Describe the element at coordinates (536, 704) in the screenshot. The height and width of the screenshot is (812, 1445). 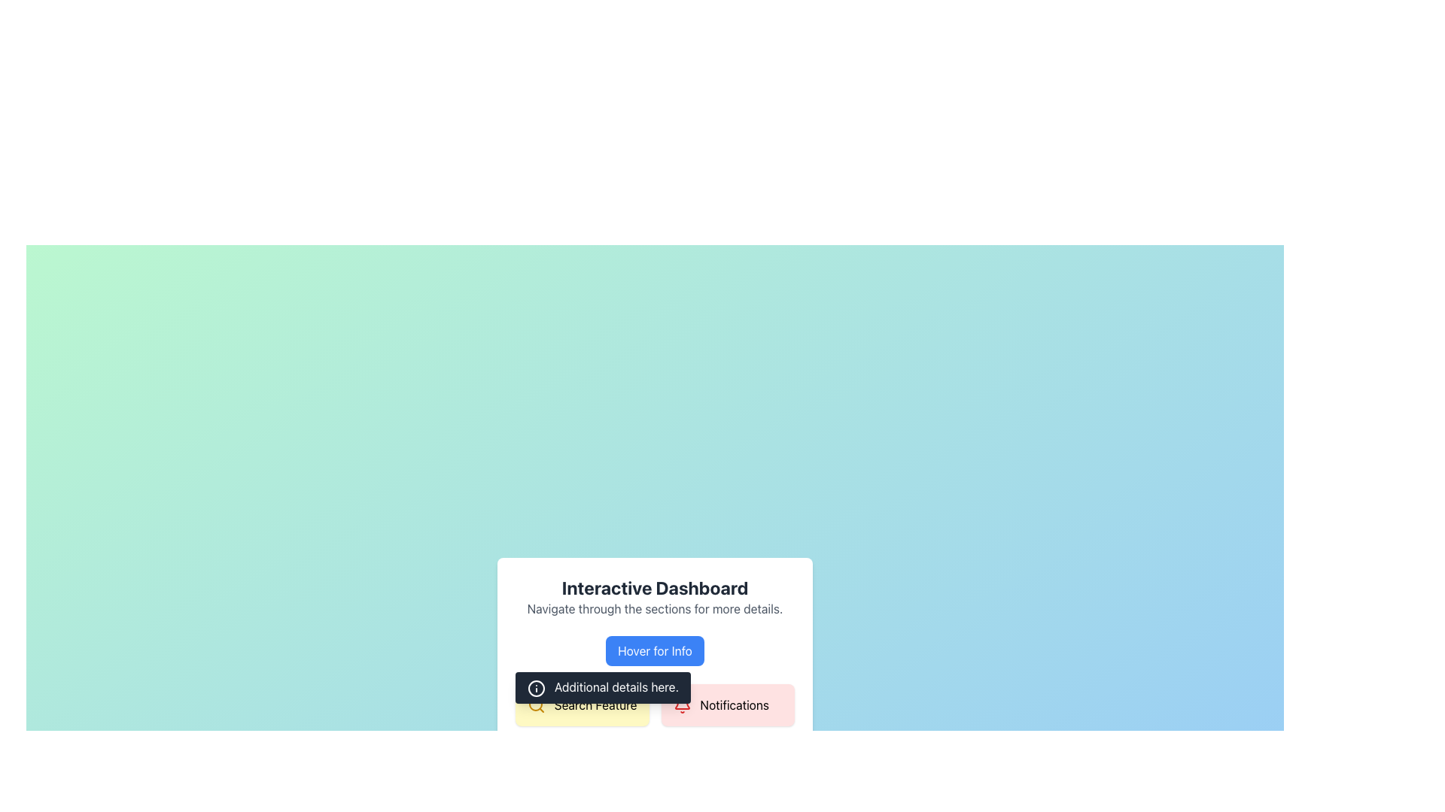
I see `the yellow search icon, which is a circular outline with a diagonal handle, located before the text 'Search Feature' in the bottom left of the 'Interactive Dashboard' card` at that location.